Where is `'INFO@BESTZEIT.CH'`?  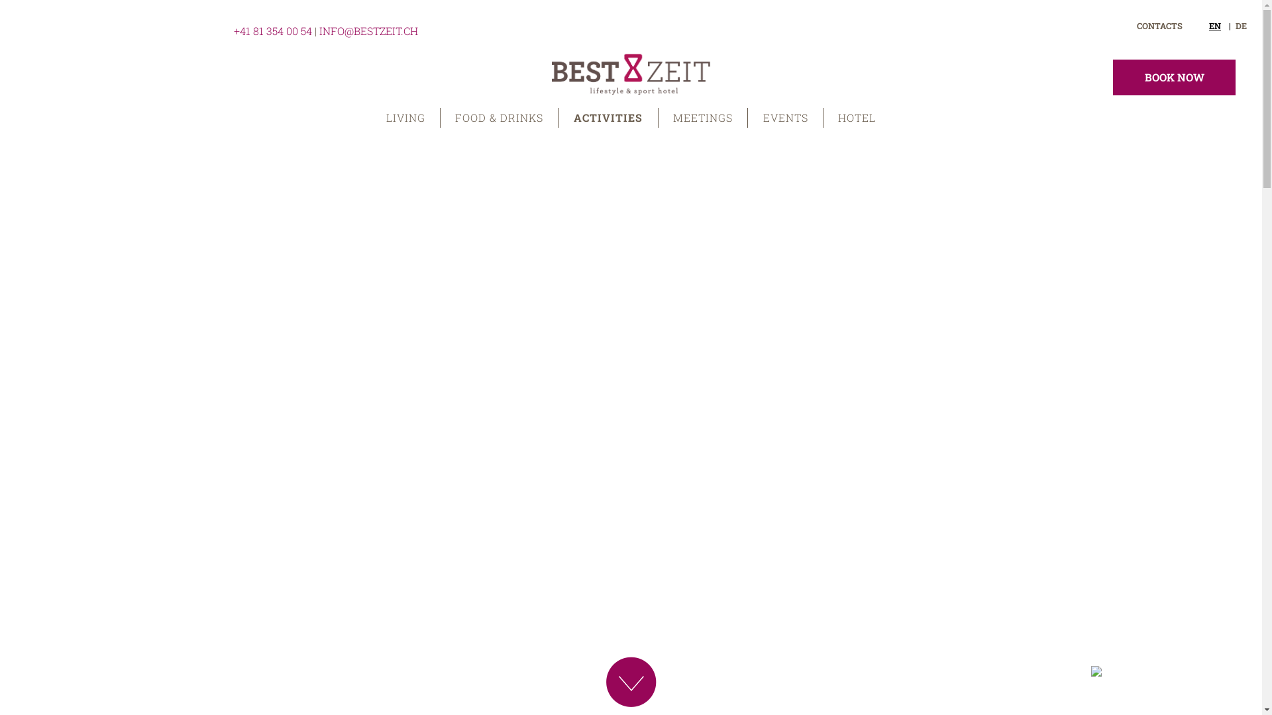 'INFO@BESTZEIT.CH' is located at coordinates (368, 30).